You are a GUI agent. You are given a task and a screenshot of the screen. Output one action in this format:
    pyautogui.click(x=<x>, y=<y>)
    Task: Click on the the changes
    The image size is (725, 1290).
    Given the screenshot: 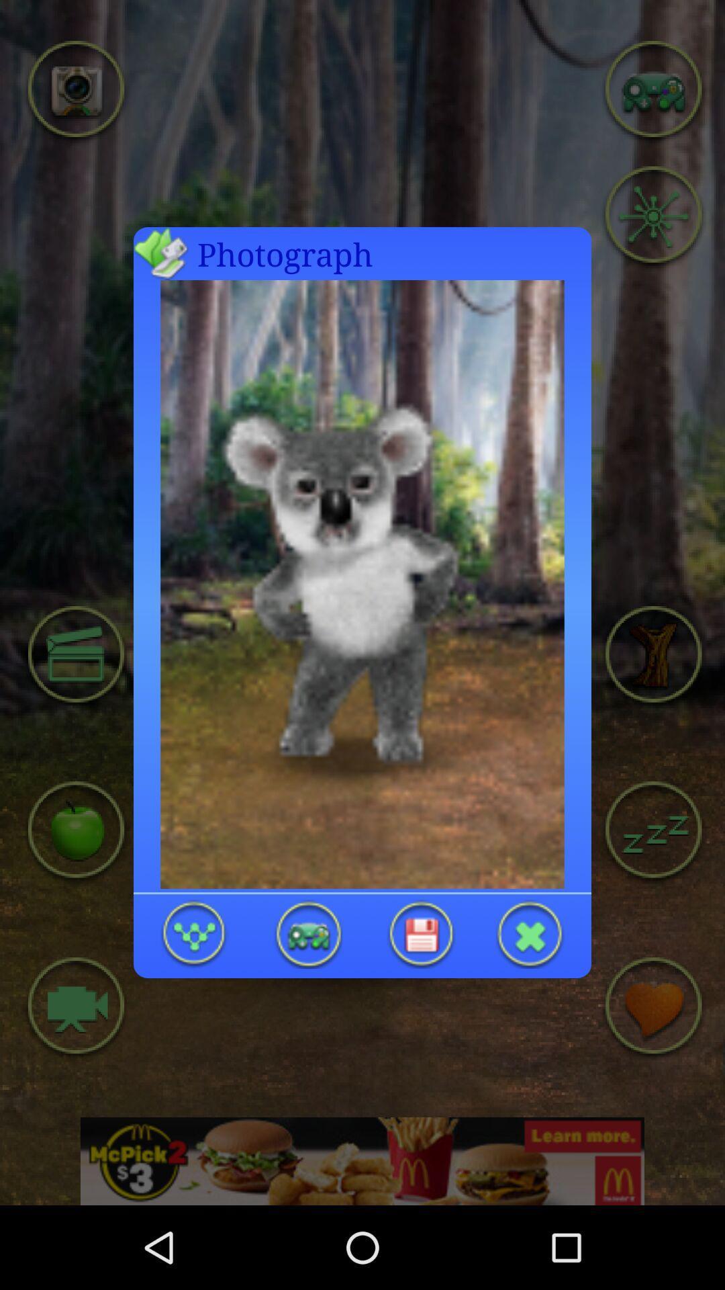 What is the action you would take?
    pyautogui.click(x=420, y=933)
    